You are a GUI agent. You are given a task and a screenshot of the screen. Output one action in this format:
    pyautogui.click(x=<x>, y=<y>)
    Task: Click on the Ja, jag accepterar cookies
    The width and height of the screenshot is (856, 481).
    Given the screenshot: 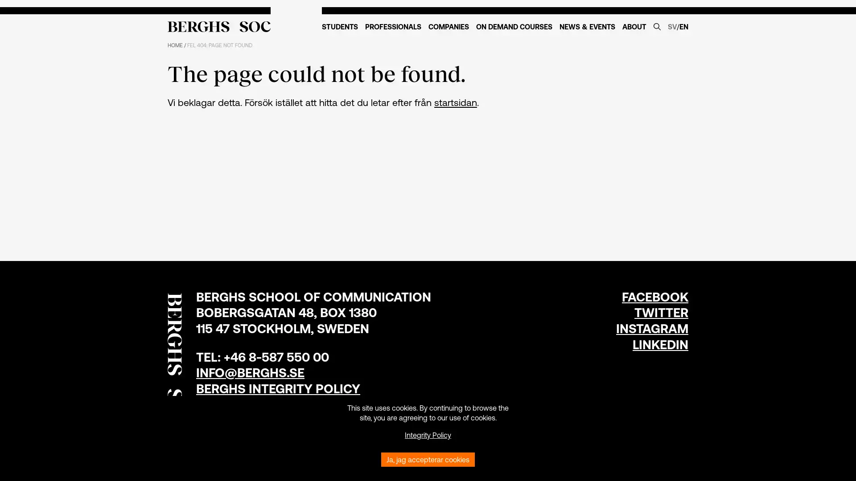 What is the action you would take?
    pyautogui.click(x=428, y=460)
    